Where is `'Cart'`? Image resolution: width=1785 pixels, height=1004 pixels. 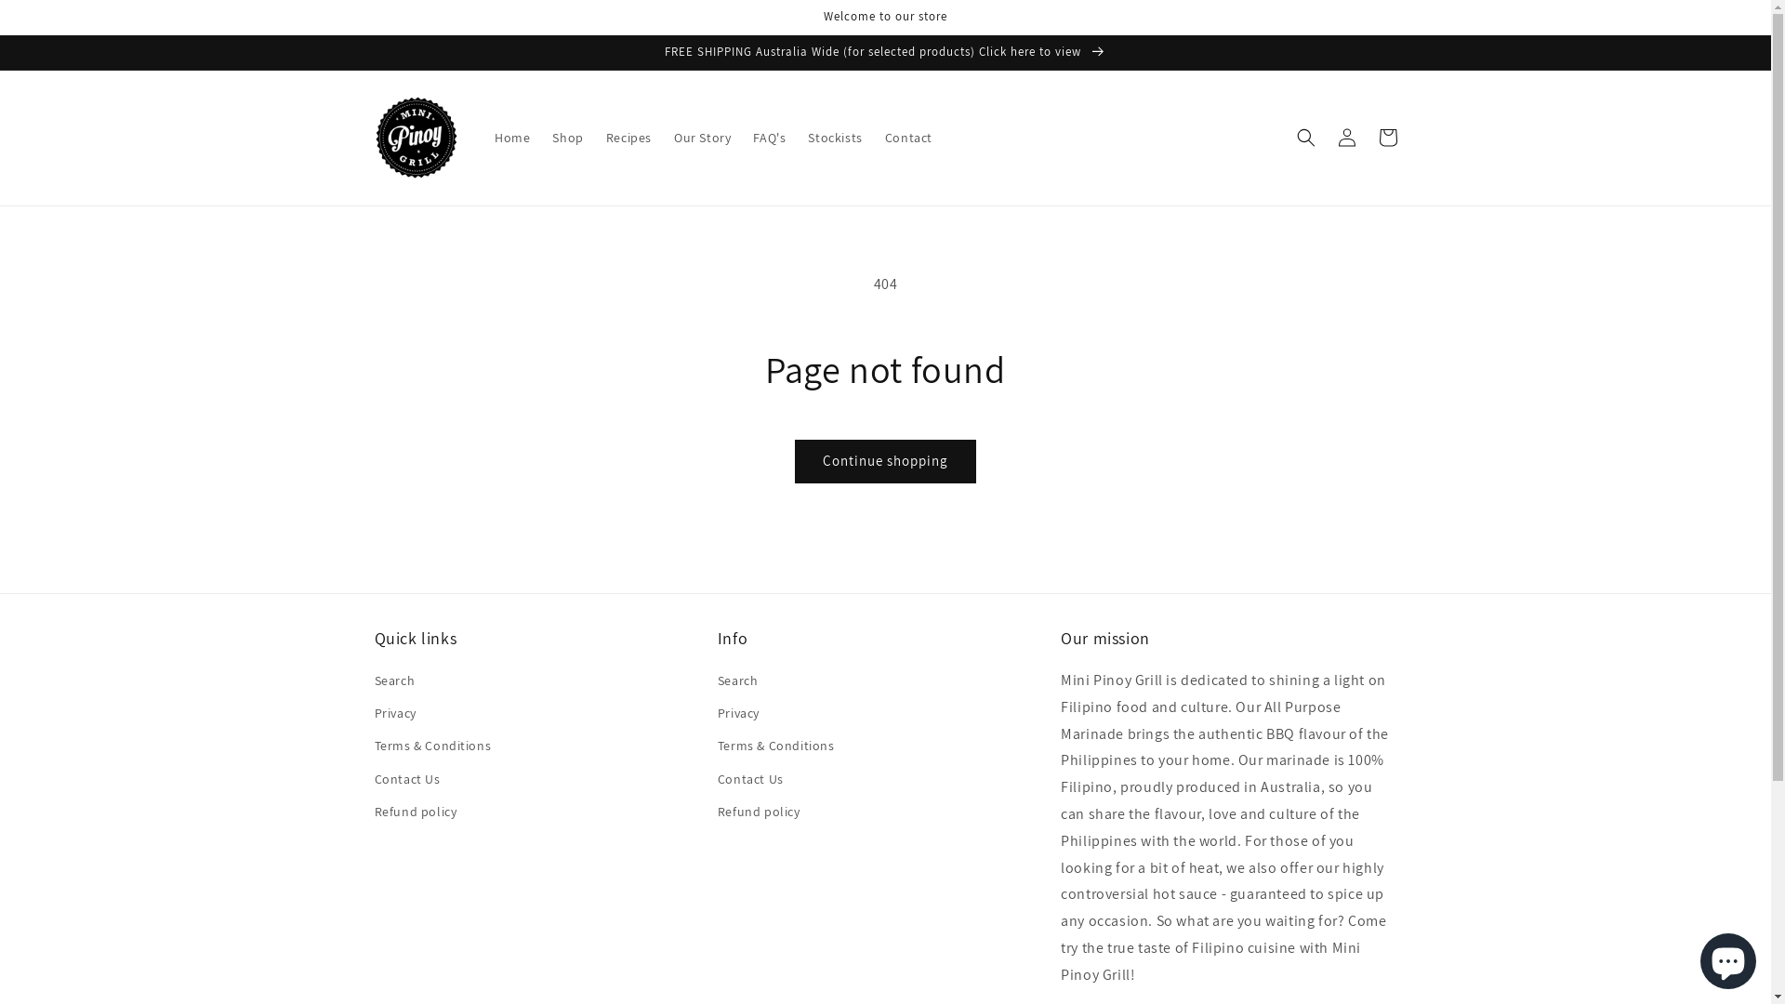
'Cart' is located at coordinates (1387, 136).